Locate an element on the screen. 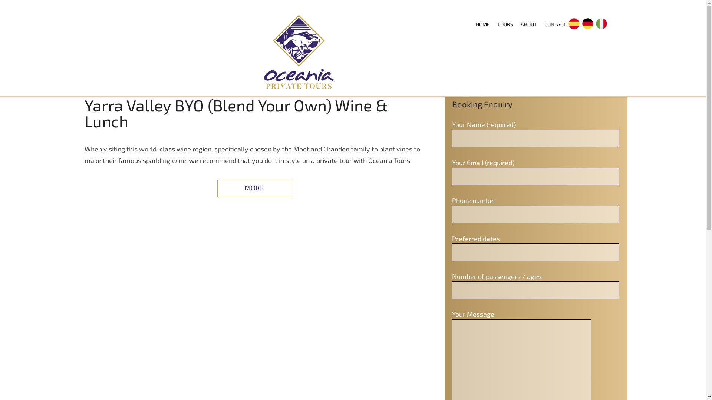 This screenshot has height=400, width=712. 'MORE' is located at coordinates (254, 188).